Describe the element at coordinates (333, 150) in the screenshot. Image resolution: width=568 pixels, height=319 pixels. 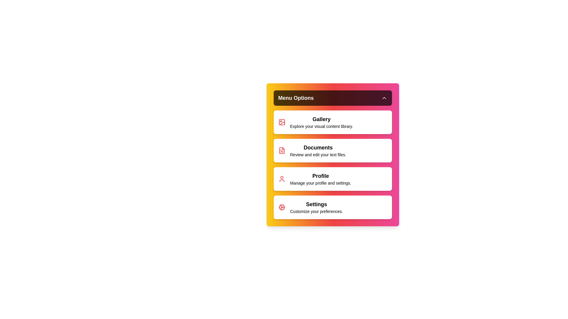
I see `the menu item Documents to select it` at that location.